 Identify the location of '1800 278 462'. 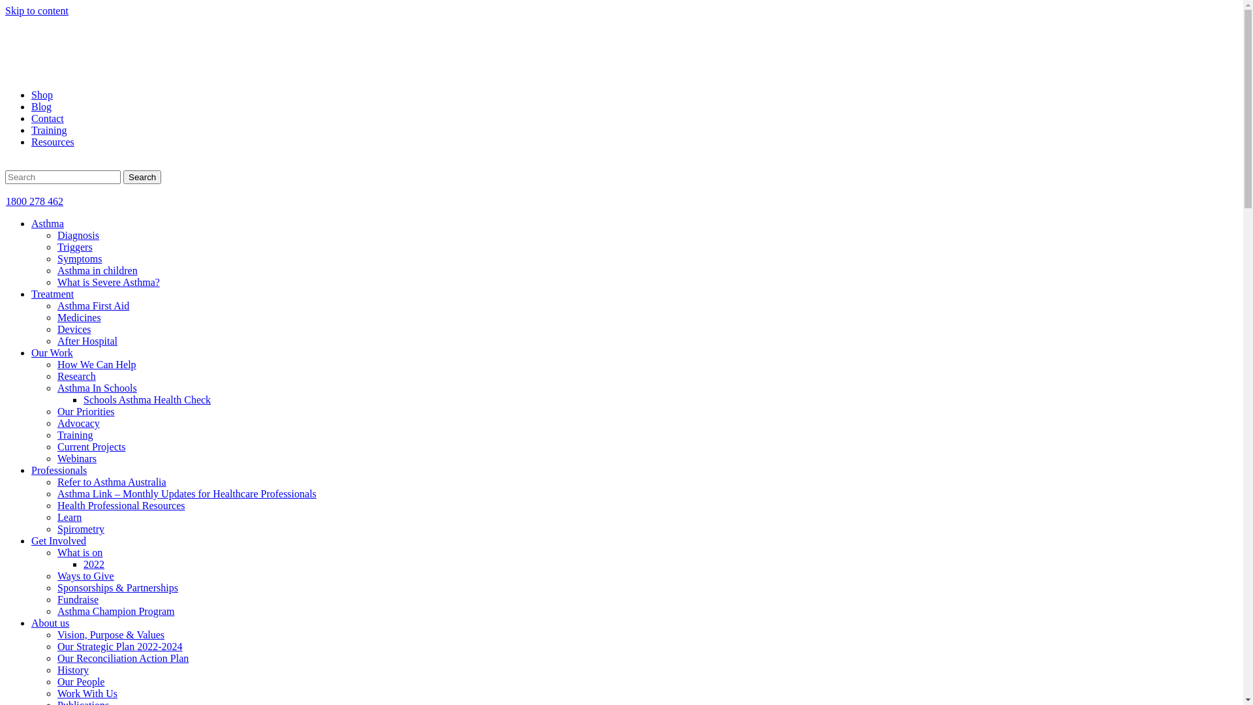
(34, 201).